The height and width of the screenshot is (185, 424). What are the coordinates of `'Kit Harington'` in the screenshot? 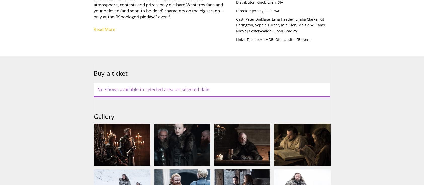 It's located at (235, 22).